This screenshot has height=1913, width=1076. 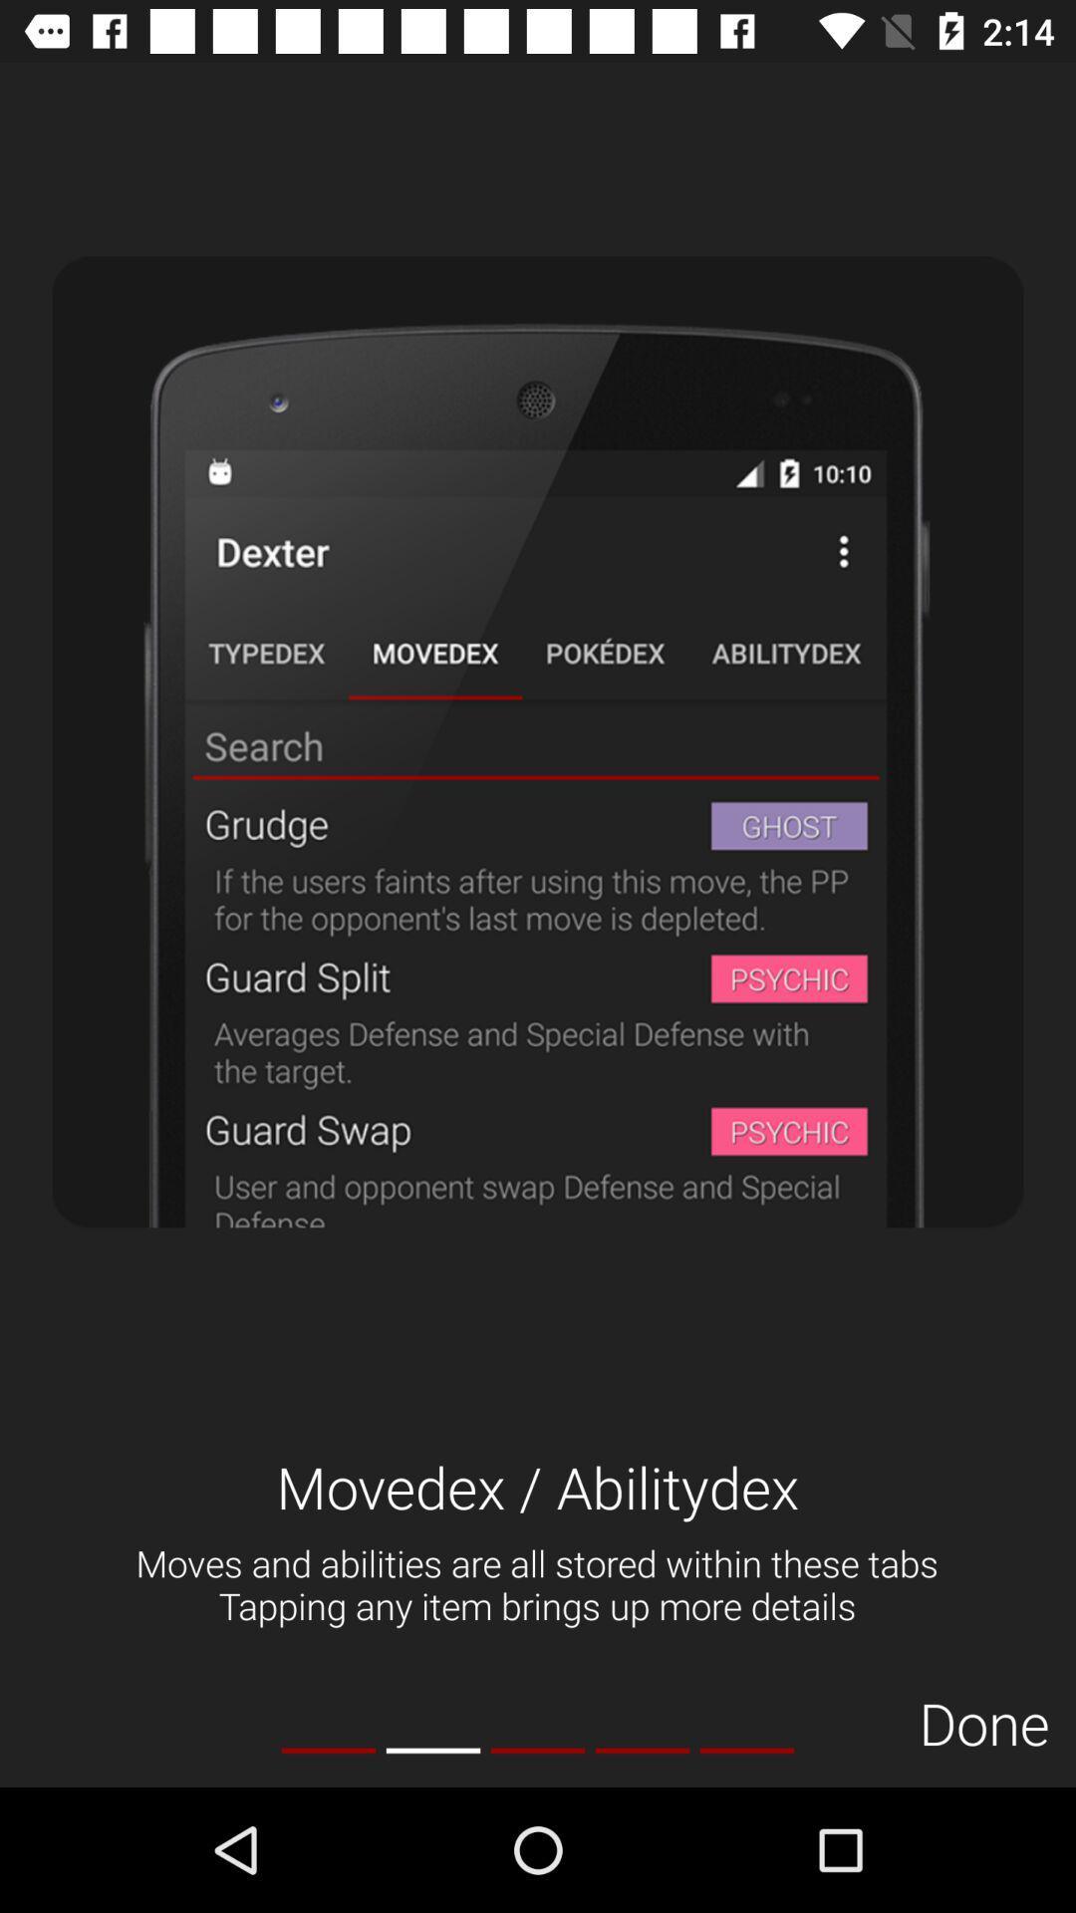 What do you see at coordinates (432, 1750) in the screenshot?
I see `the minus icon` at bounding box center [432, 1750].